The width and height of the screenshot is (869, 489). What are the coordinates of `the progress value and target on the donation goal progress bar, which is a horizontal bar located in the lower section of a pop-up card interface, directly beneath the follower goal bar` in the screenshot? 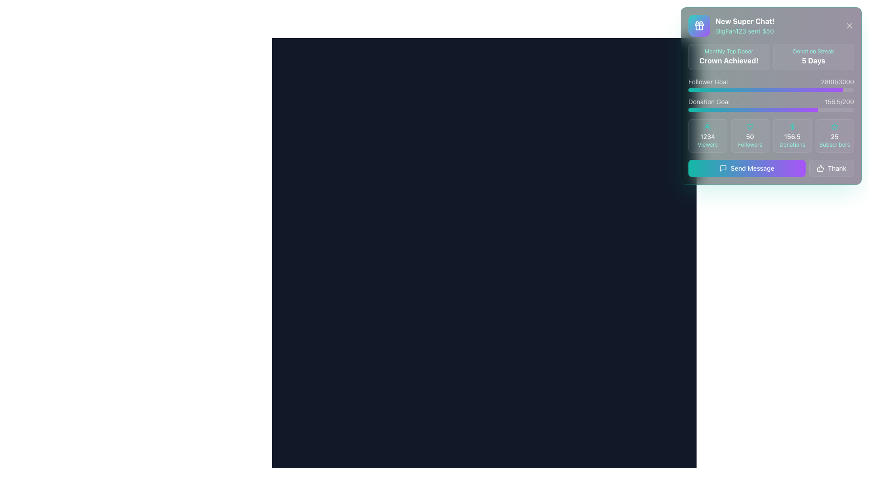 It's located at (771, 104).